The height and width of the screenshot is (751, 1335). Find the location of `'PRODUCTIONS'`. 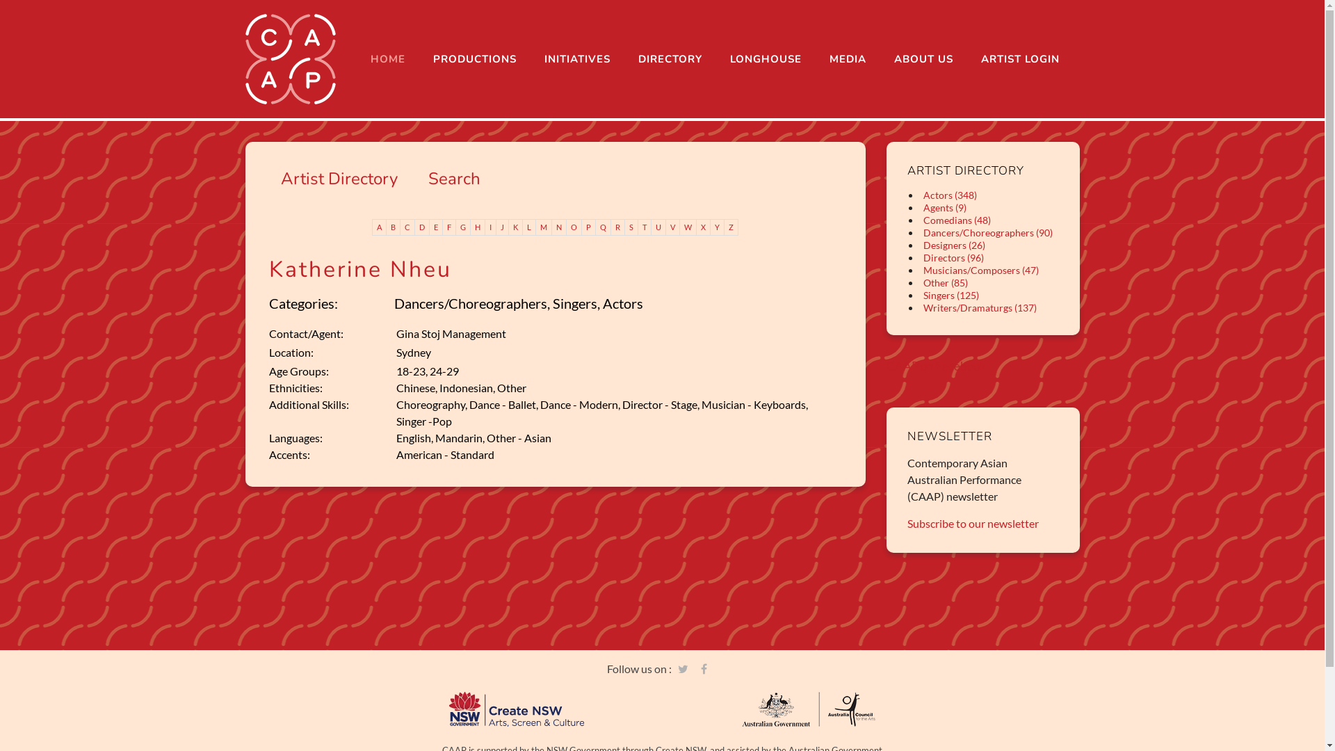

'PRODUCTIONS' is located at coordinates (474, 58).